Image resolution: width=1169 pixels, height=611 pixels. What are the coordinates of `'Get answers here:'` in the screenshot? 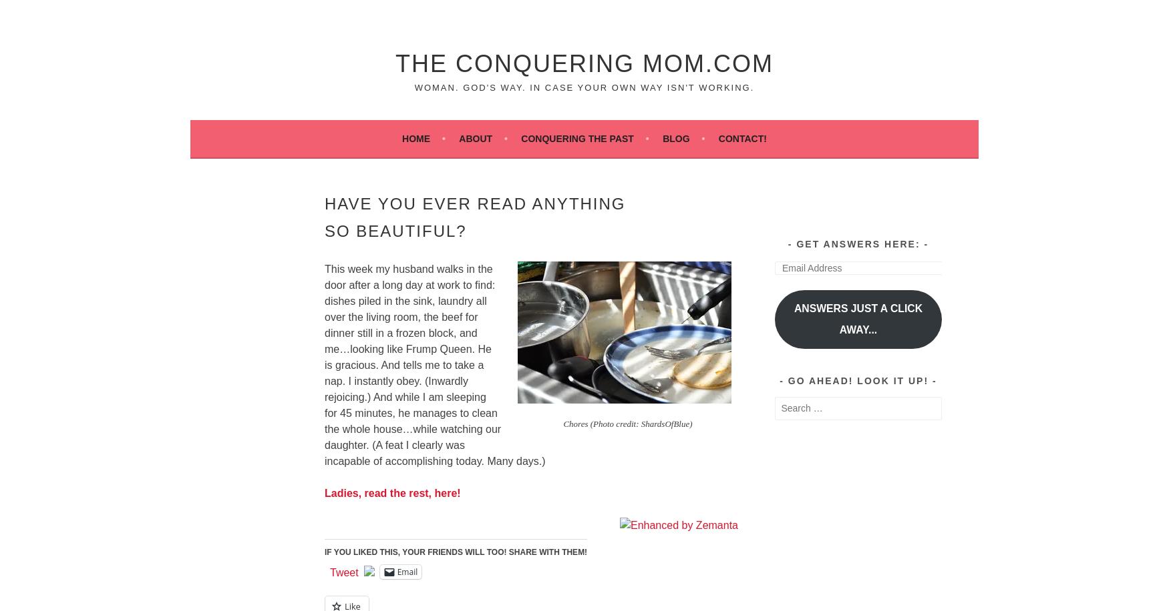 It's located at (857, 243).